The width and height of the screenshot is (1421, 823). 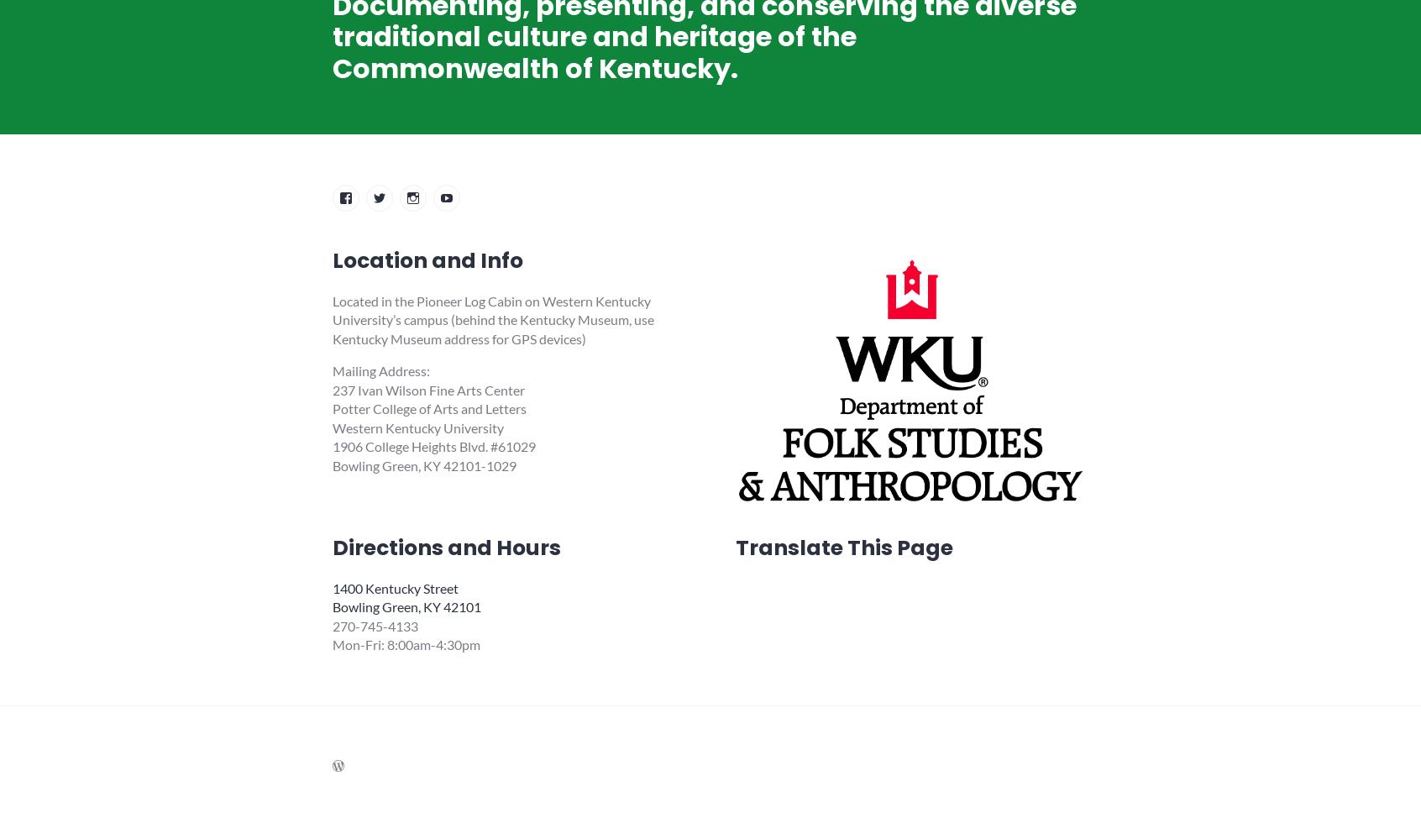 I want to click on '270-745-4133', so click(x=332, y=625).